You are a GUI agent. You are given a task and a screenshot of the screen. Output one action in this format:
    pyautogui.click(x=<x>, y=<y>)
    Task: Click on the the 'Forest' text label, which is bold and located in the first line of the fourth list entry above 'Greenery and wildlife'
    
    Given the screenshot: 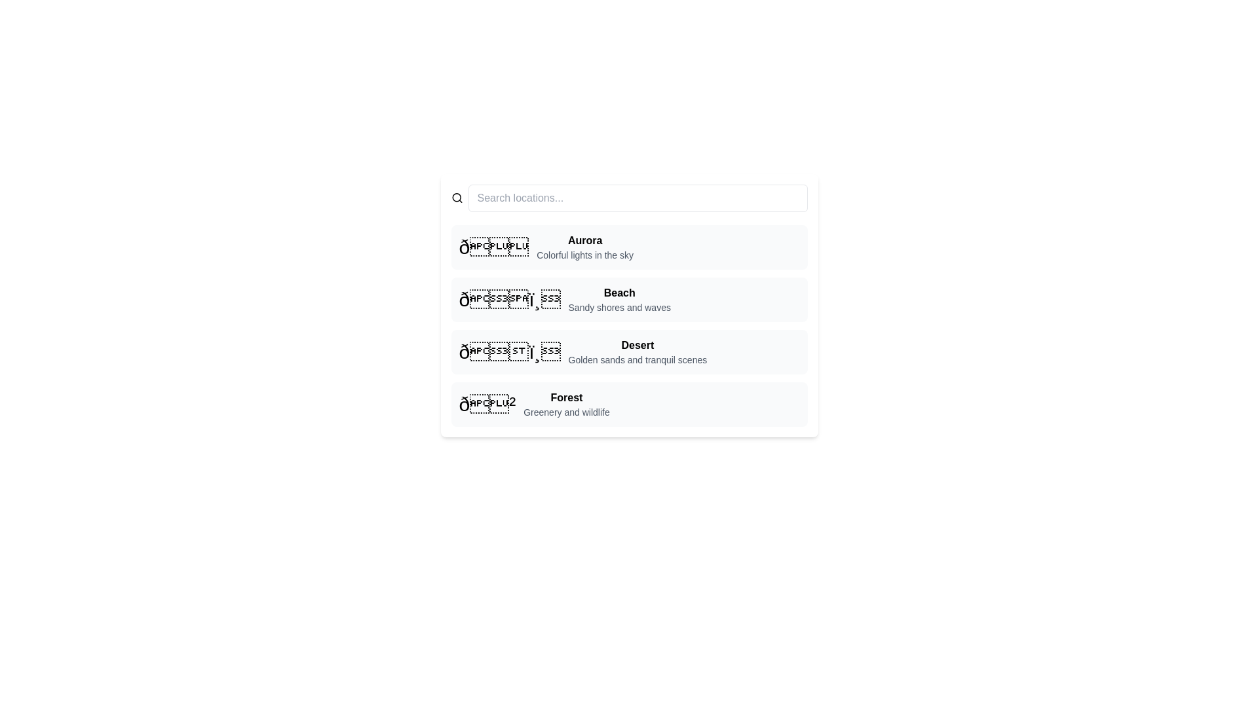 What is the action you would take?
    pyautogui.click(x=566, y=397)
    